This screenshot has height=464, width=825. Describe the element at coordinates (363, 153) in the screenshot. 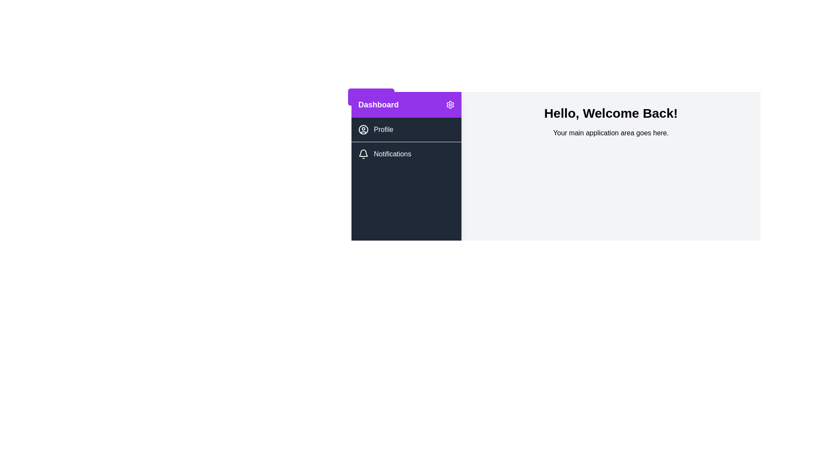

I see `the notification icon located in the left sidebar under the 'Dashboard' section, next to the text 'Notifications'` at that location.